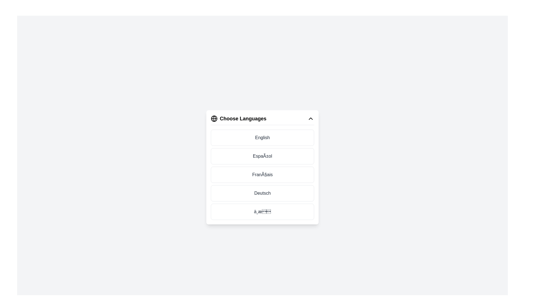 The width and height of the screenshot is (539, 303). What do you see at coordinates (214, 118) in the screenshot?
I see `the language selection icon located to the left of the 'Choose Languages' text, which signifies the dropdown menu for language selection` at bounding box center [214, 118].